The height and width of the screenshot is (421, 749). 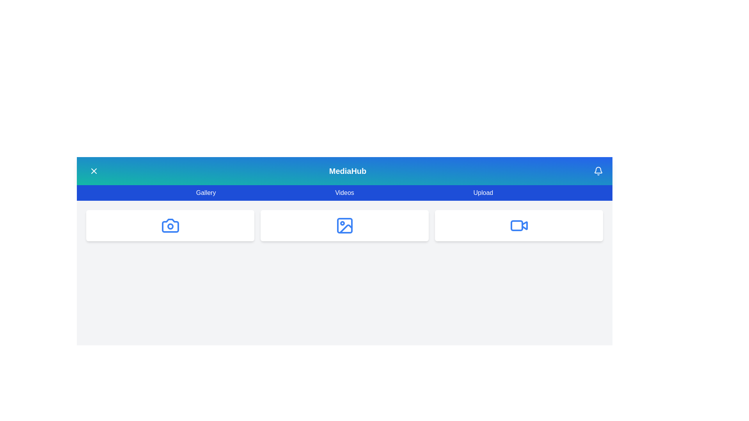 What do you see at coordinates (94, 171) in the screenshot?
I see `menu button to toggle the menu visibility` at bounding box center [94, 171].